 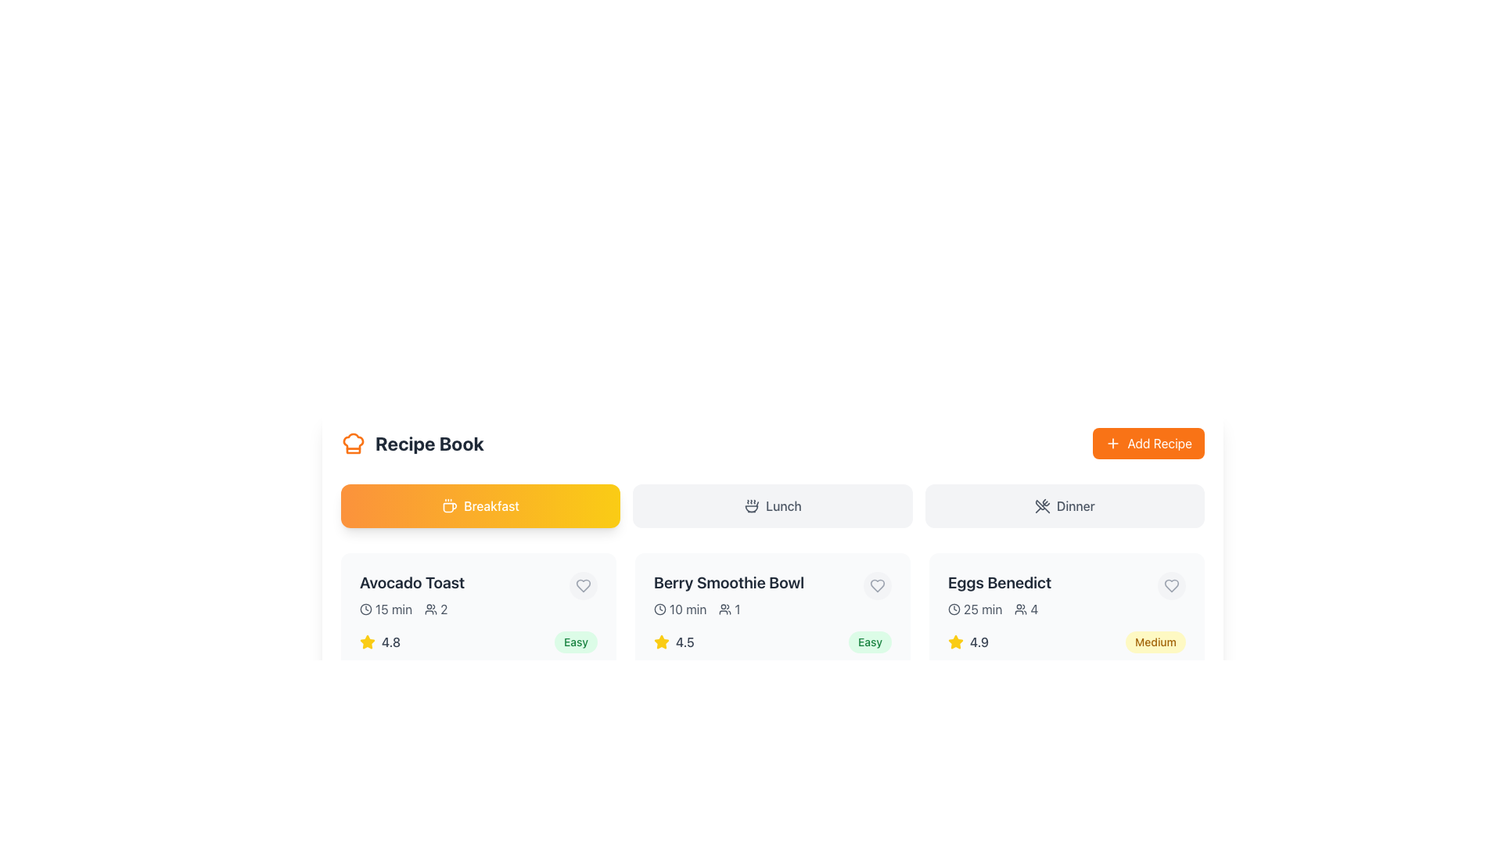 I want to click on the displayed information of the text segment '10 min 1' with light gray font, located within the 'Berry Smoothie Bowl' card, positioned to the left of the star rating and to the right of the card's edge, so click(x=728, y=609).